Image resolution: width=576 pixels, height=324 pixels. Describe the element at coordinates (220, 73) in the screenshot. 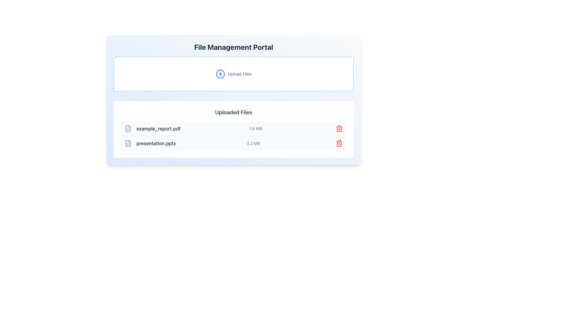

I see `the central blue circle graphic within the icon design located above the list of uploaded files` at that location.